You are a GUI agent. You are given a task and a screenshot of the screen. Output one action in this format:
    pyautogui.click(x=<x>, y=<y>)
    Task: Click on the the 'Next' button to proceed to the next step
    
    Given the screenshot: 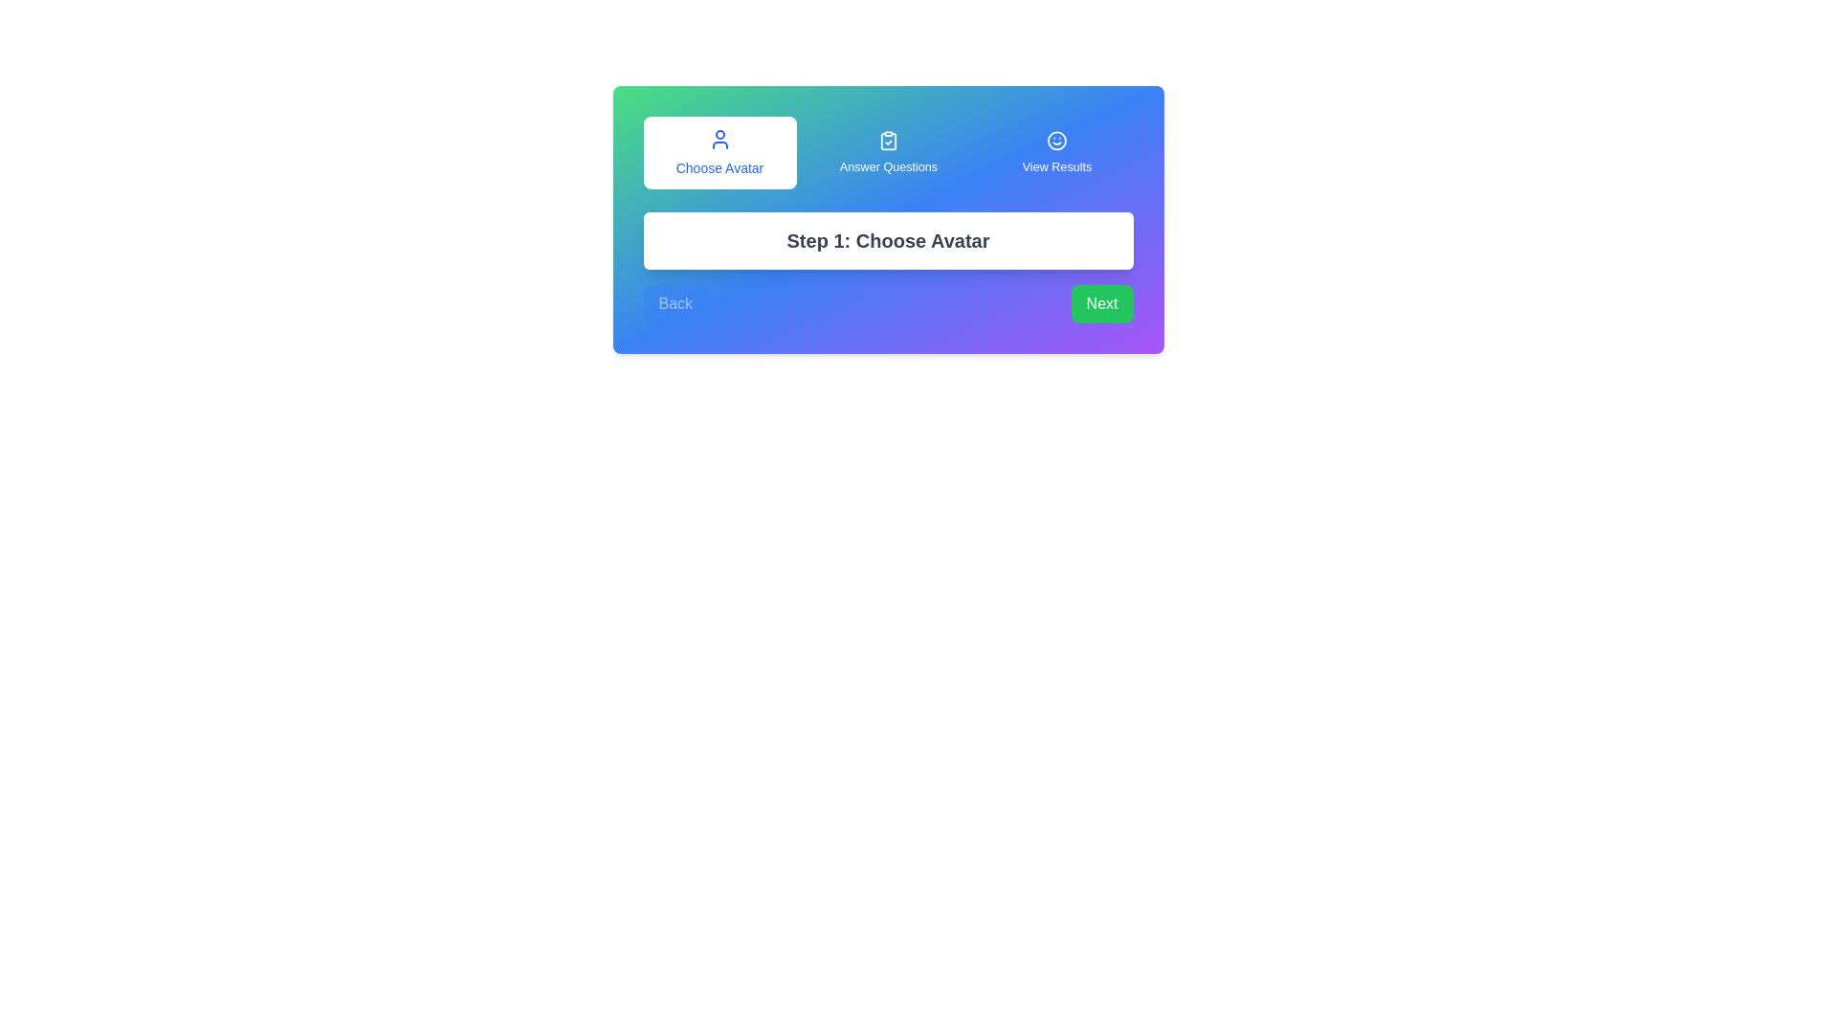 What is the action you would take?
    pyautogui.click(x=1102, y=302)
    